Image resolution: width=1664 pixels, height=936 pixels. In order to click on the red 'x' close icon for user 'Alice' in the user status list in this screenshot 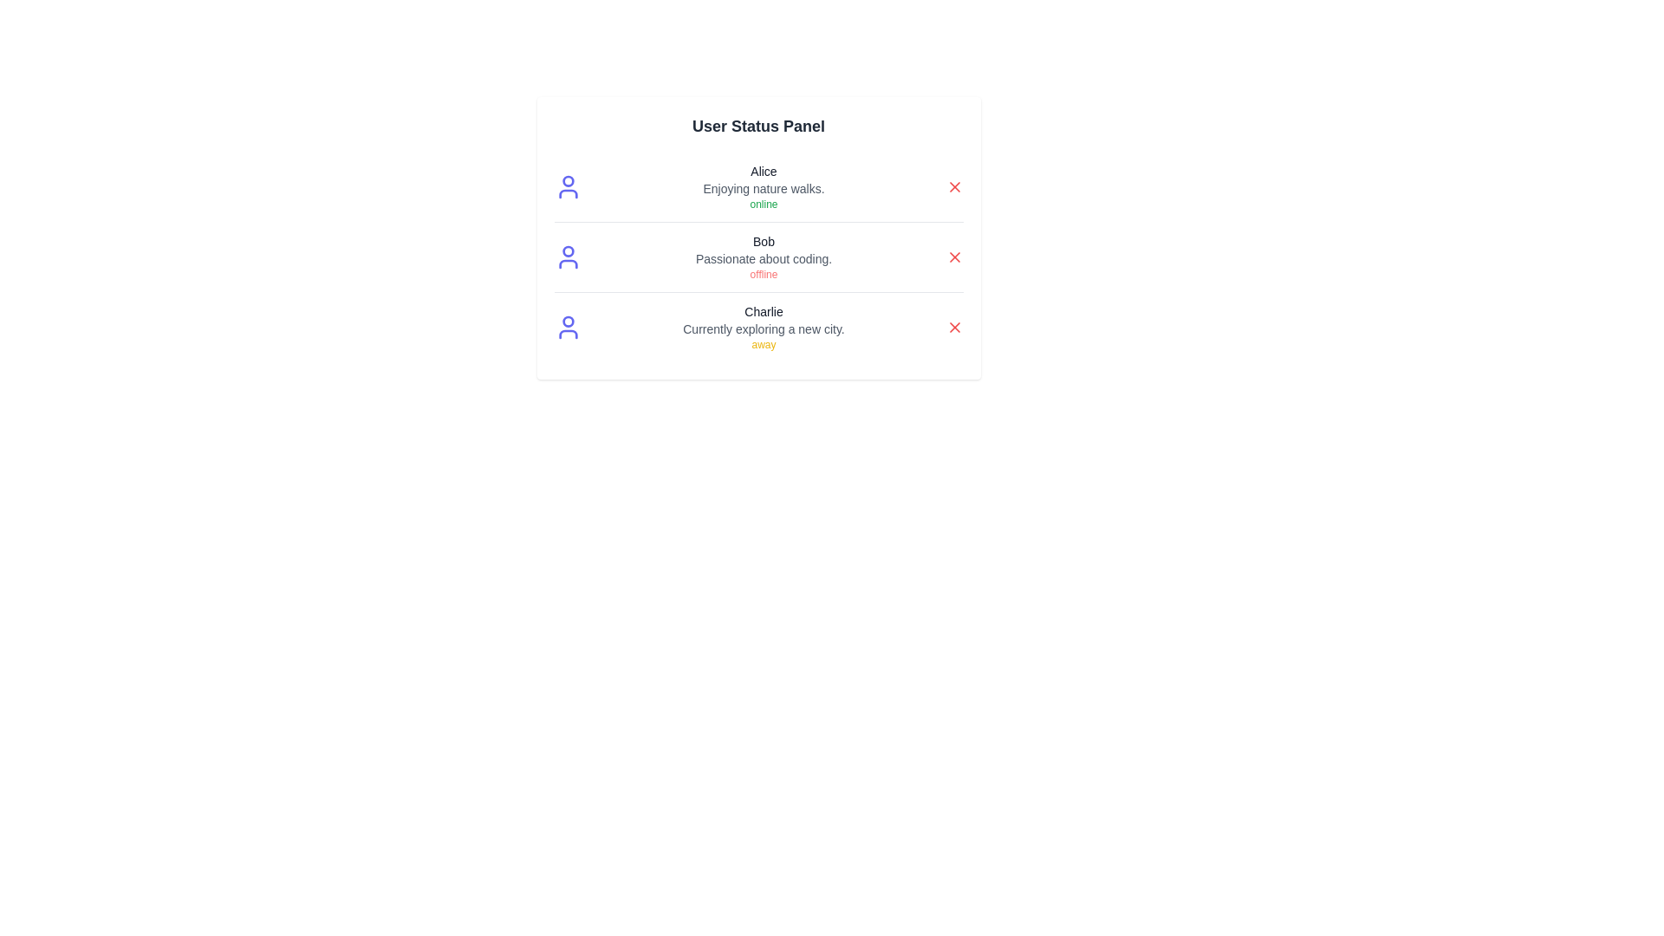, I will do `click(953, 187)`.